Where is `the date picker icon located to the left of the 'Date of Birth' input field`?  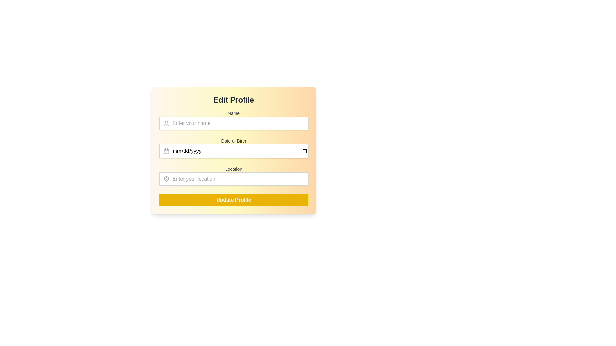 the date picker icon located to the left of the 'Date of Birth' input field is located at coordinates (166, 151).